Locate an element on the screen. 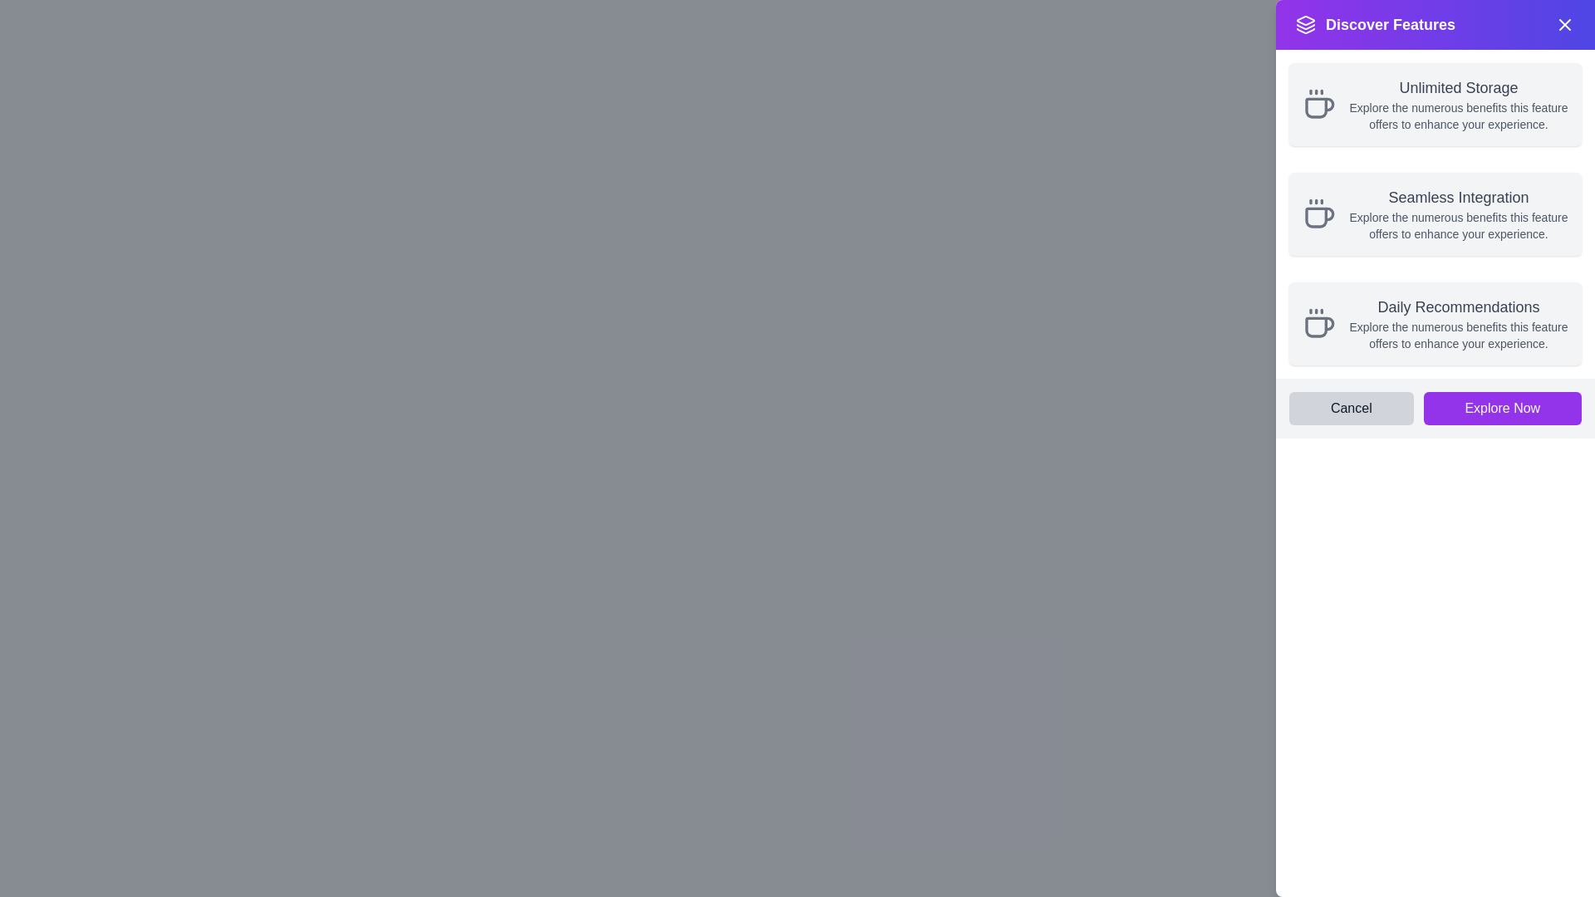  static text content providing additional details about the feature 'Unlimited Storage' located beneath the heading in the right-aligned panel titled 'Discover Features.' is located at coordinates (1458, 115).